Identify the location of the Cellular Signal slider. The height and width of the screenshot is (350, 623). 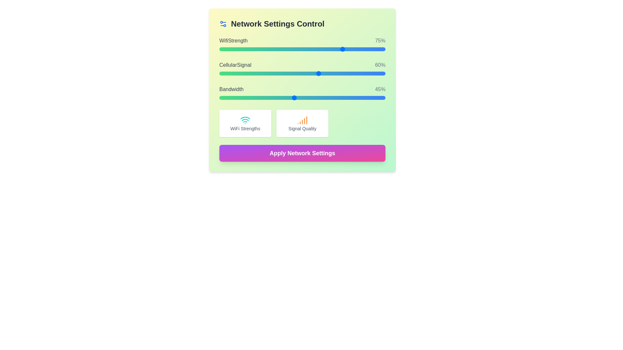
(337, 73).